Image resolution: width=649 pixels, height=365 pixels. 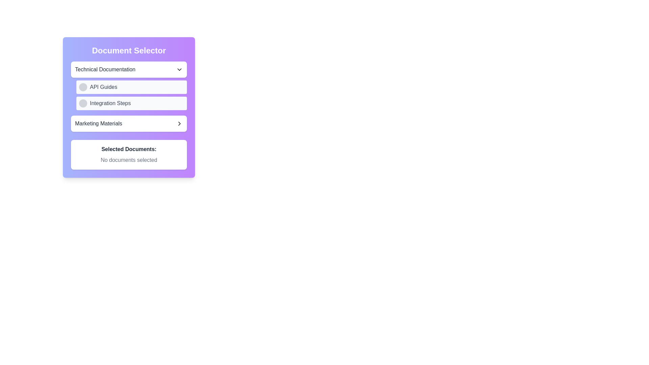 What do you see at coordinates (129, 69) in the screenshot?
I see `the Dropdown menu trigger button labeled 'Technical Documentation'` at bounding box center [129, 69].